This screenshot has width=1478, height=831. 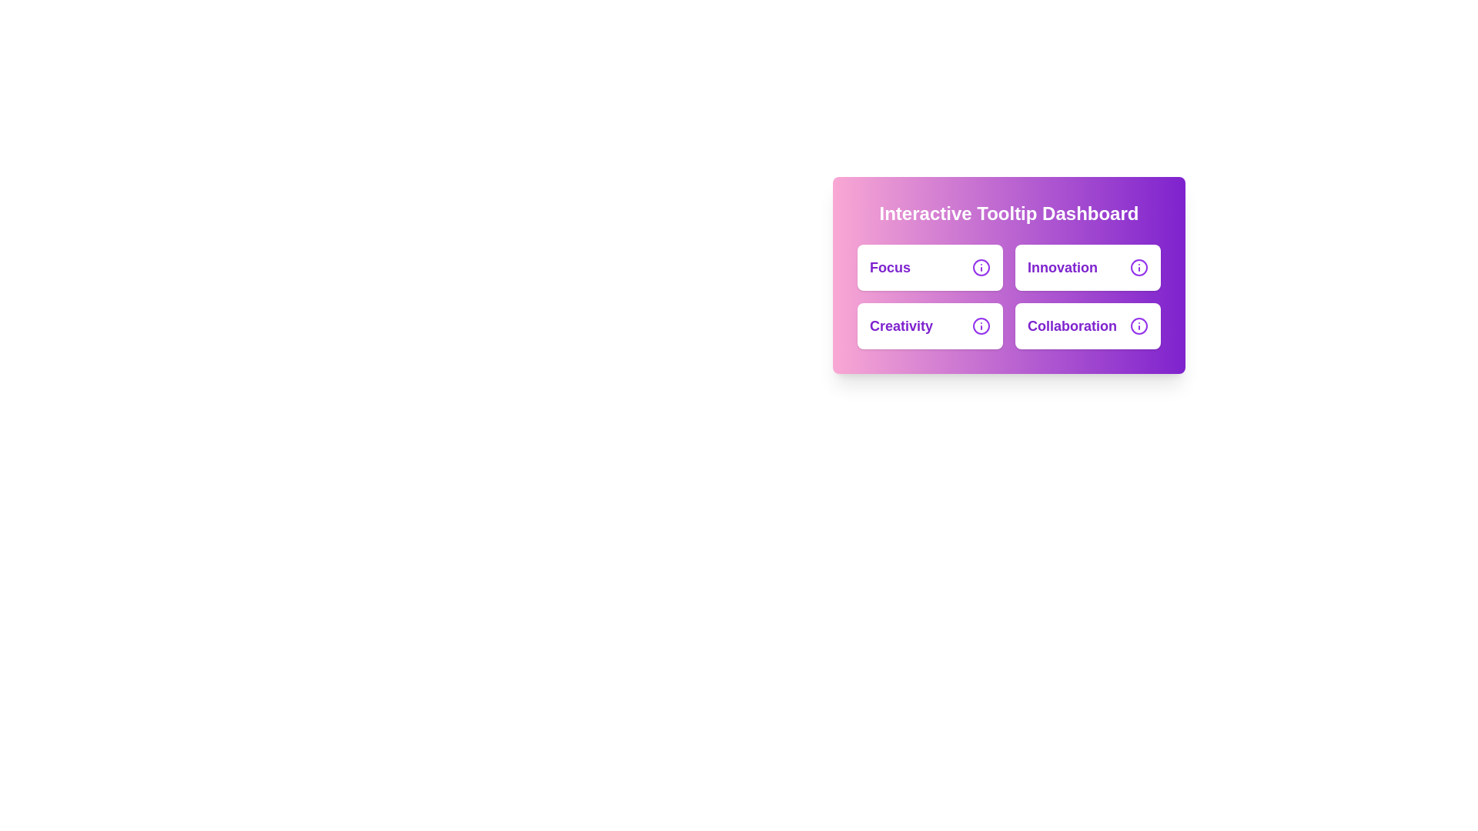 What do you see at coordinates (929, 266) in the screenshot?
I see `the first card in the top-left corner of the 'Interactive Tooltip Dashboard'` at bounding box center [929, 266].